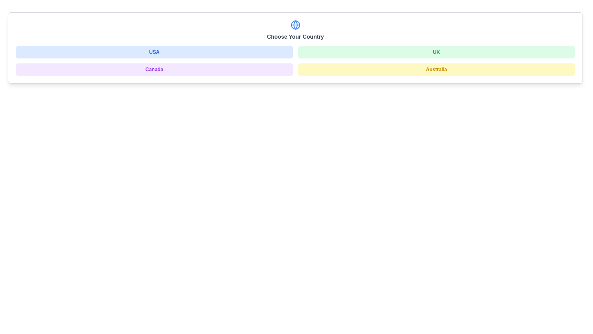 The width and height of the screenshot is (593, 334). Describe the element at coordinates (154, 69) in the screenshot. I see `the rounded rectangular button with a light purple background labeled 'Canada'` at that location.